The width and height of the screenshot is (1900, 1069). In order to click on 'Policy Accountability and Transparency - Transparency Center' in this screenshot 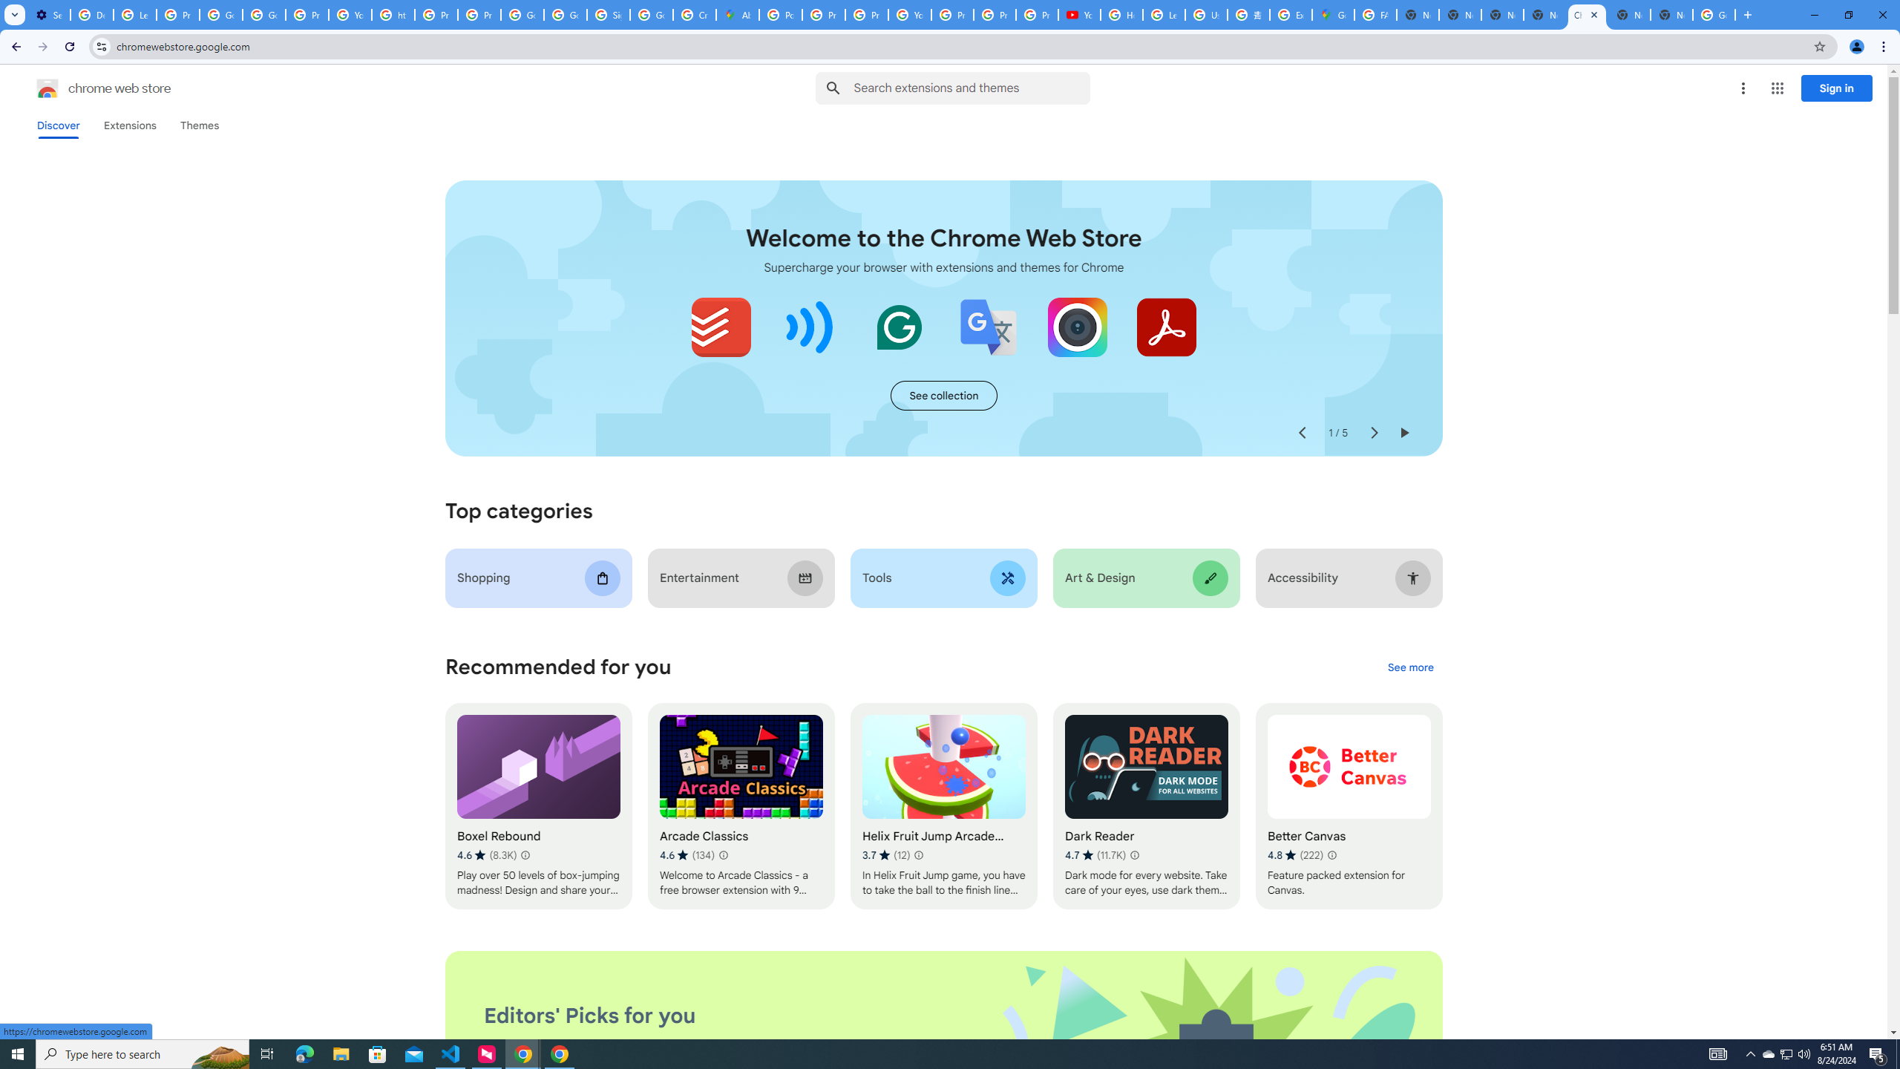, I will do `click(780, 14)`.